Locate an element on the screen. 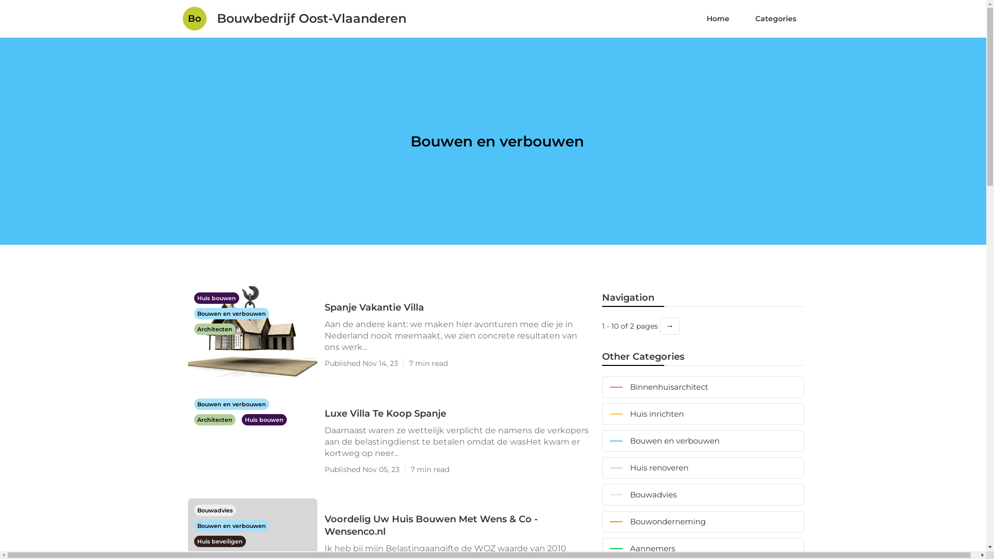 The image size is (994, 559). 'Architecten' is located at coordinates (215, 419).